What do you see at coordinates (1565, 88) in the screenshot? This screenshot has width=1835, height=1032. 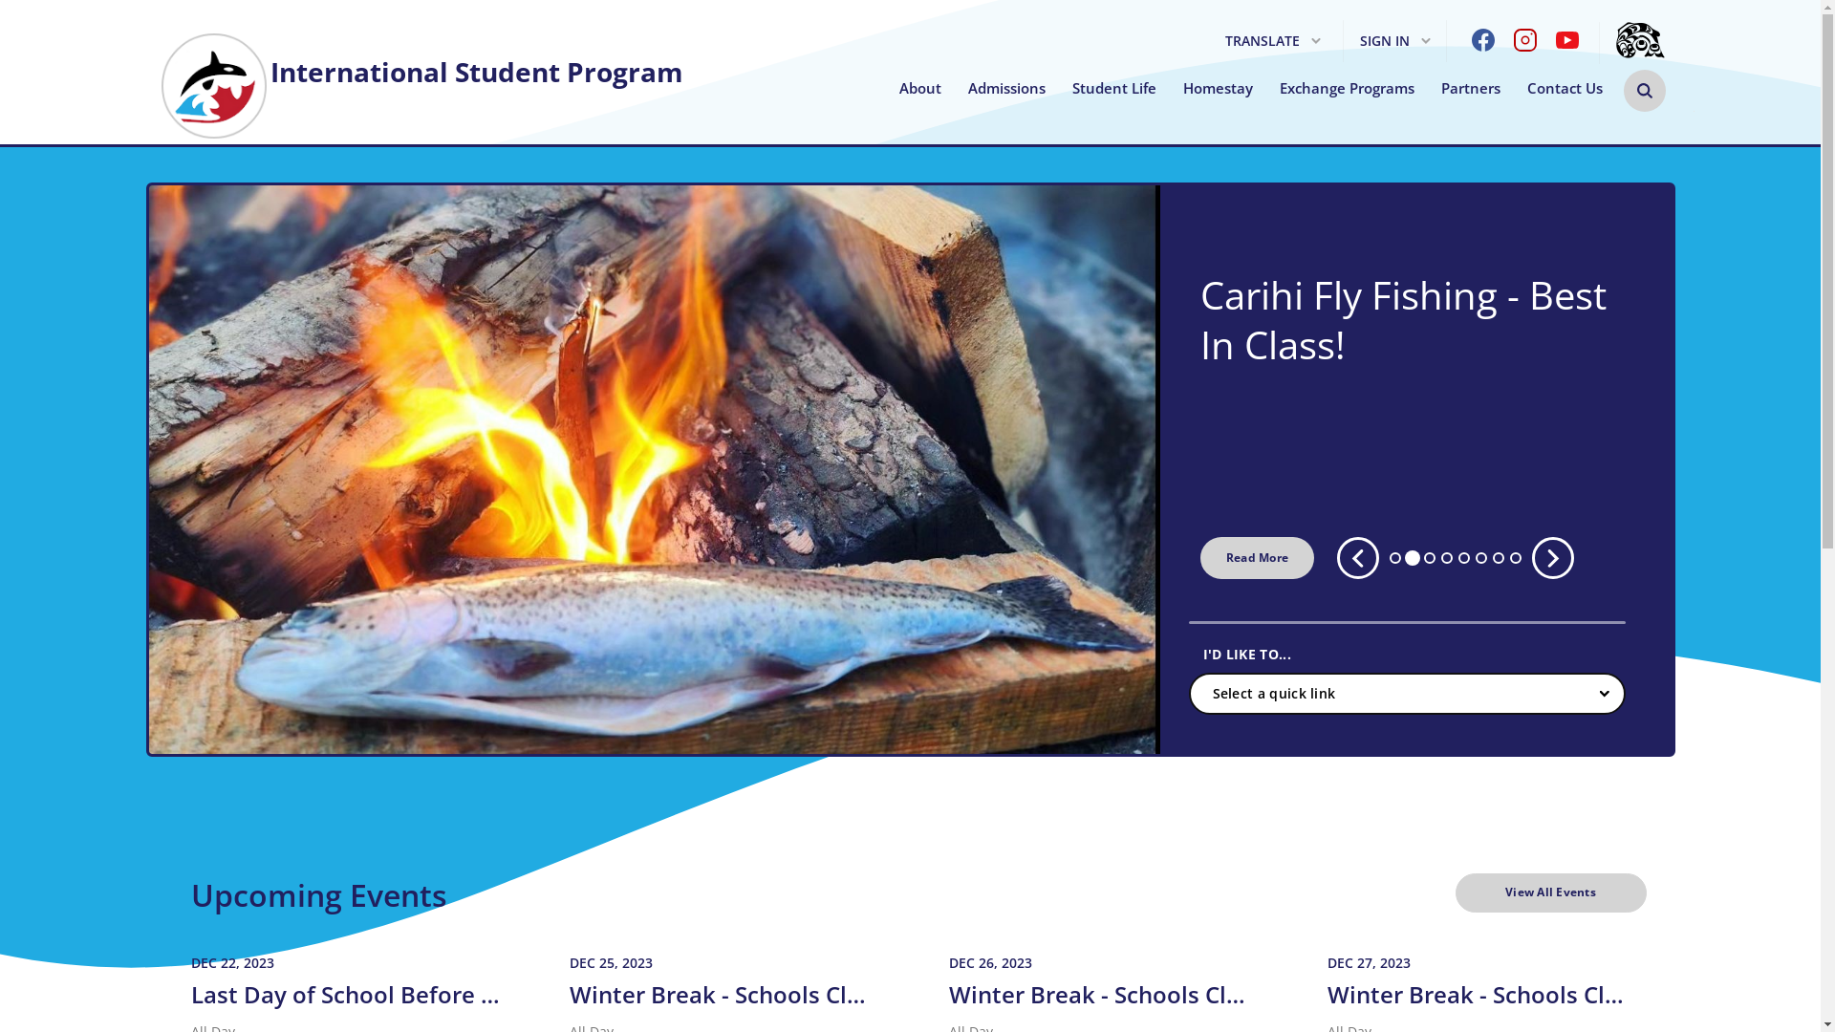 I see `'Contact Us'` at bounding box center [1565, 88].